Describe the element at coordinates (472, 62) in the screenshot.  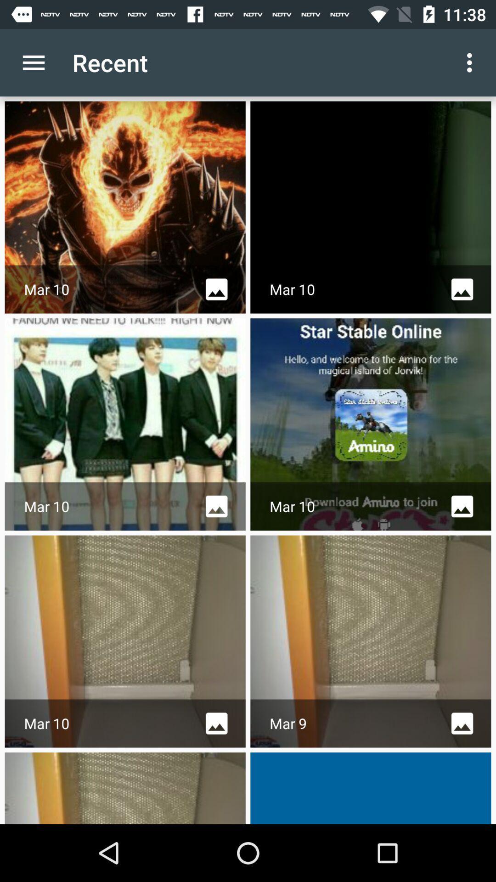
I see `the app next to recent icon` at that location.